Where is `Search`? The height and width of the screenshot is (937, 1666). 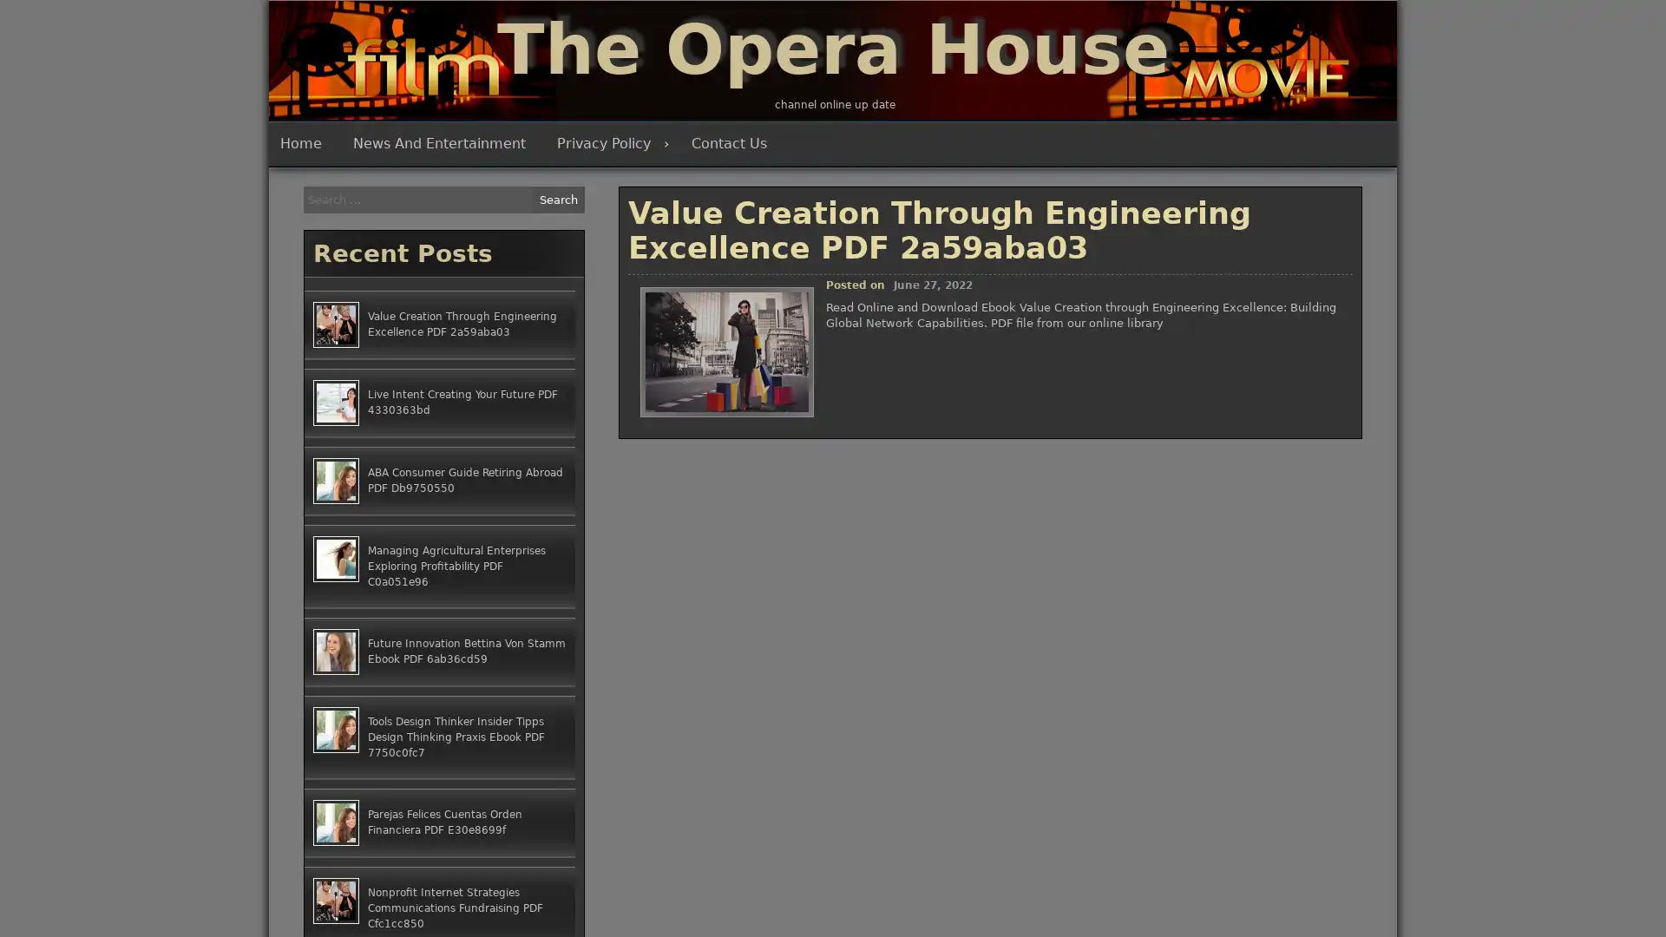
Search is located at coordinates (558, 199).